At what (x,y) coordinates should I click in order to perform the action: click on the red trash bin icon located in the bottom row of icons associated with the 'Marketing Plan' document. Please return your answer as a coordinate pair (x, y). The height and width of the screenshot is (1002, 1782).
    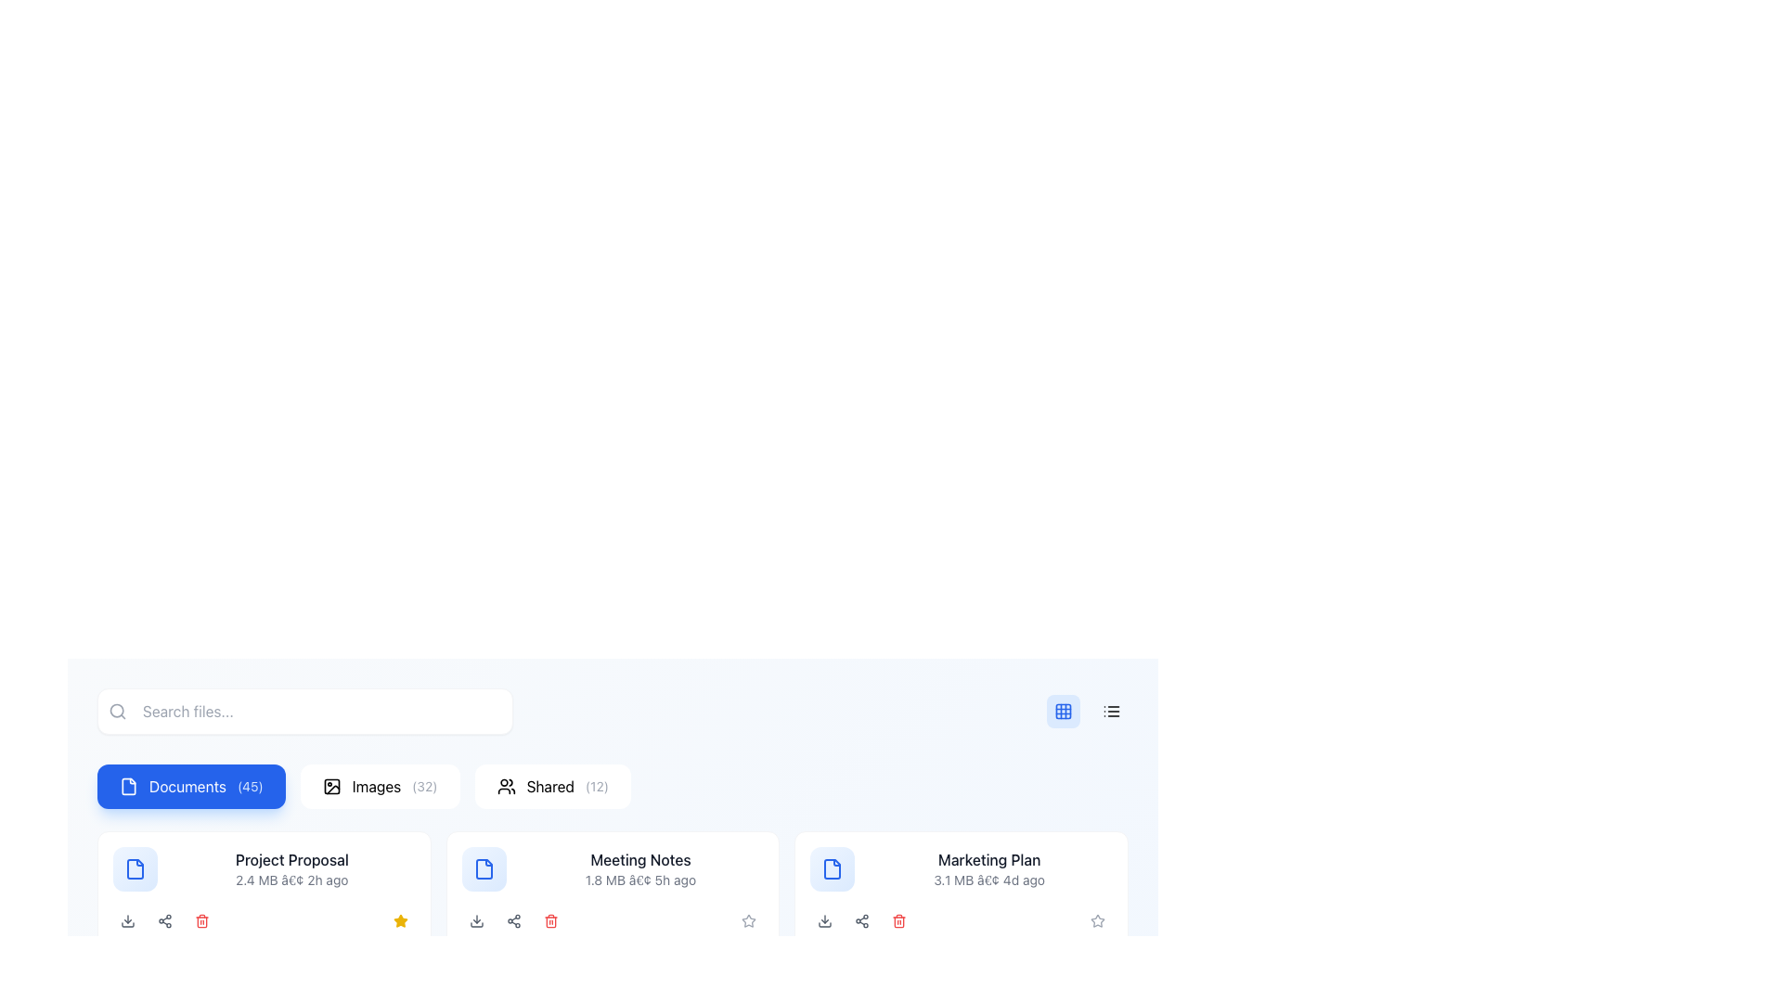
    Looking at the image, I should click on (899, 920).